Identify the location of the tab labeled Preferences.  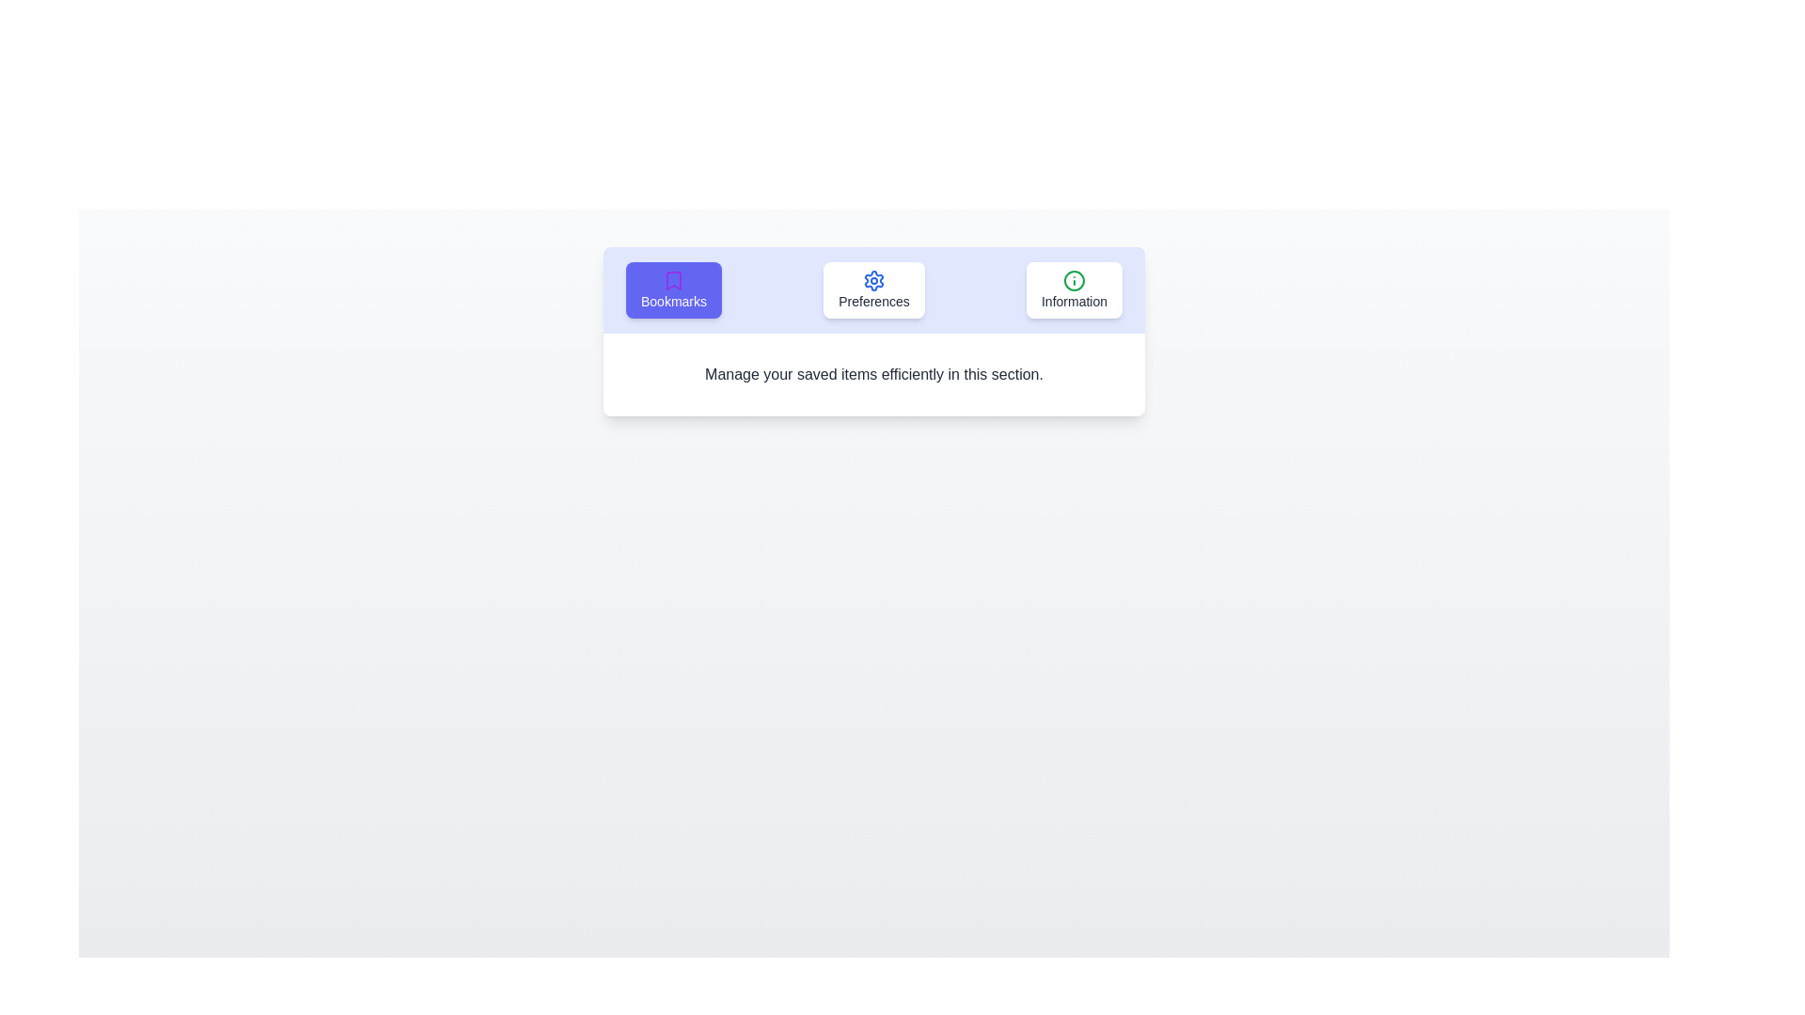
(873, 289).